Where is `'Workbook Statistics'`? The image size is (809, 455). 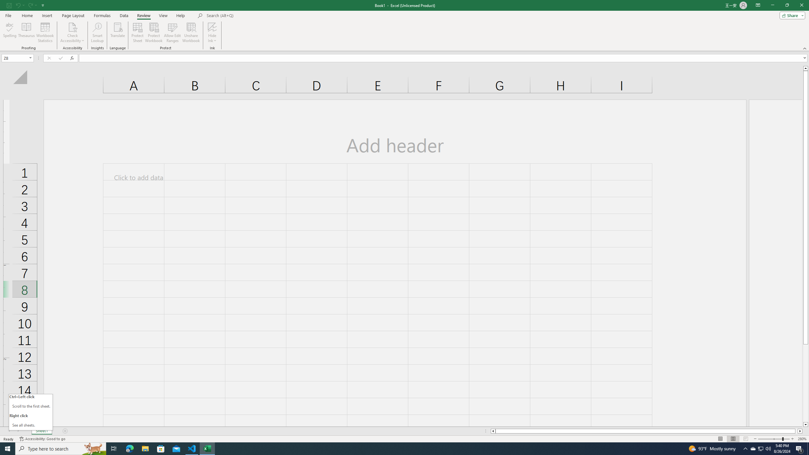
'Workbook Statistics' is located at coordinates (45, 33).